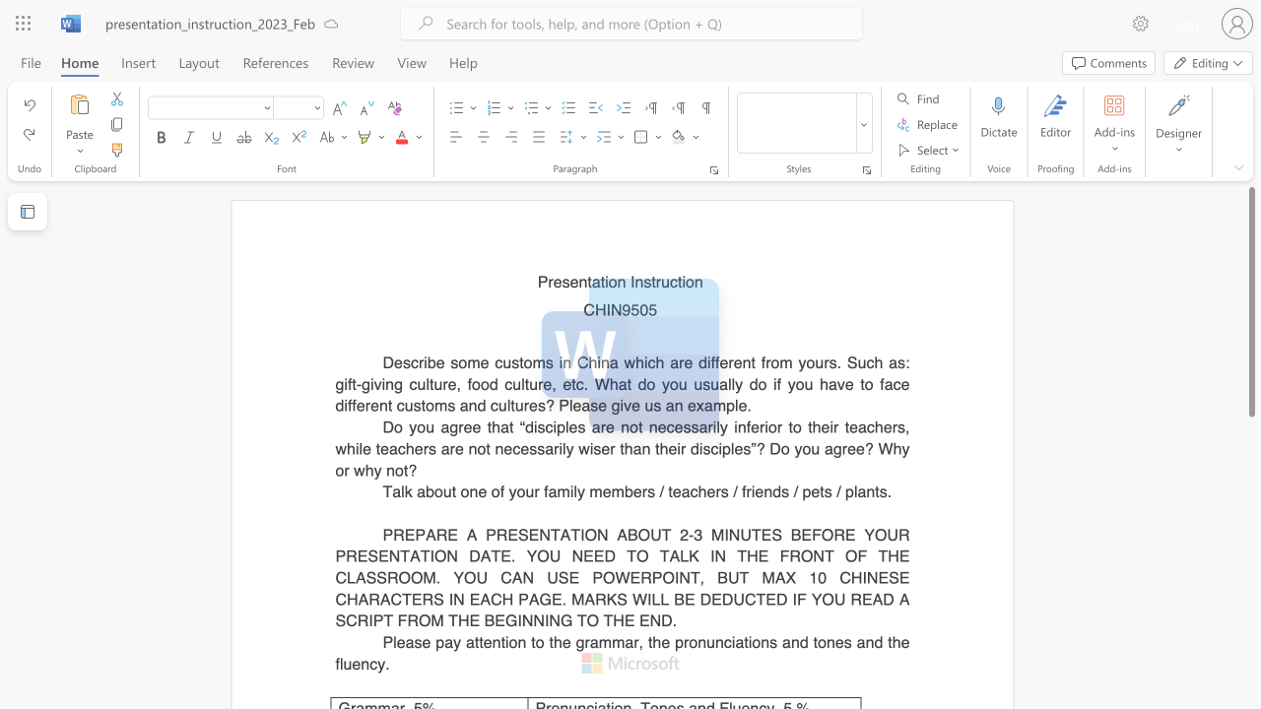  What do you see at coordinates (1250, 483) in the screenshot?
I see `the scrollbar on the right side to scroll the page down` at bounding box center [1250, 483].